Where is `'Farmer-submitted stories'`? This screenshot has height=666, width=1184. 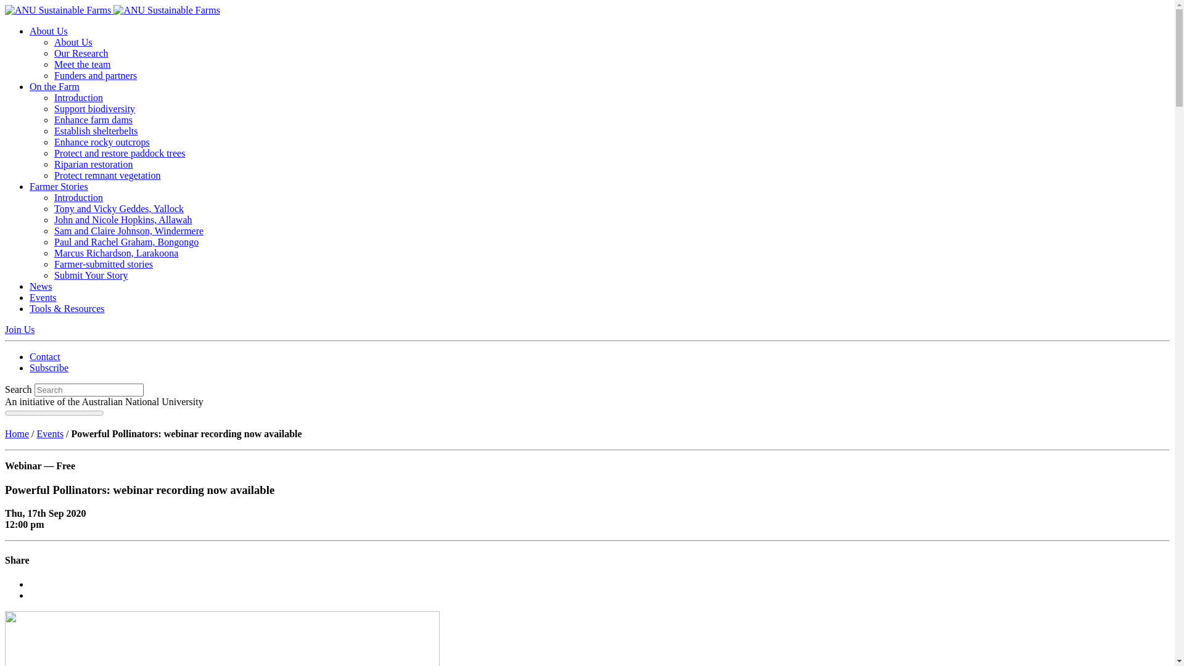
'Farmer-submitted stories' is located at coordinates (53, 263).